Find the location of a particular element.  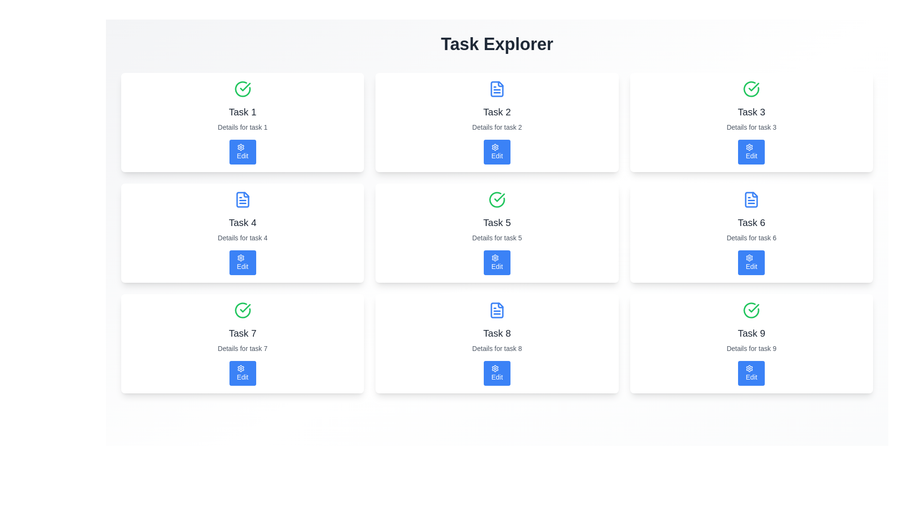

the non-interactive title text label for 'Task 7' located in the third row and first column of the grid layout under the 'Task Explorer' heading is located at coordinates (242, 332).